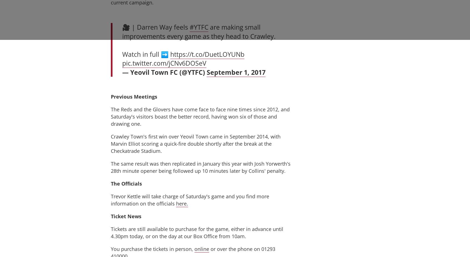 The width and height of the screenshot is (470, 257). What do you see at coordinates (190, 199) in the screenshot?
I see `'Trevor Kettle will take charge of Saturday's game and you find more information on the officials'` at bounding box center [190, 199].